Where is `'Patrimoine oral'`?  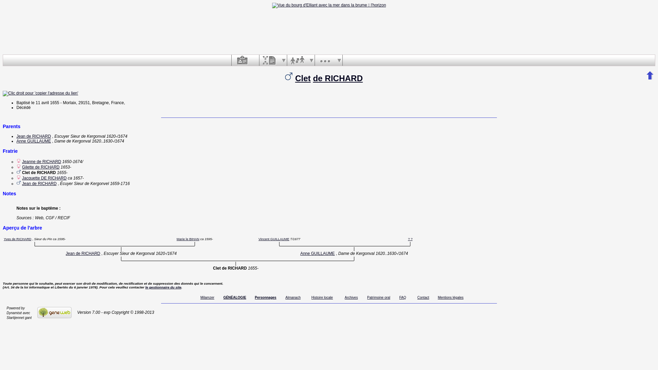 'Patrimoine oral' is located at coordinates (378, 297).